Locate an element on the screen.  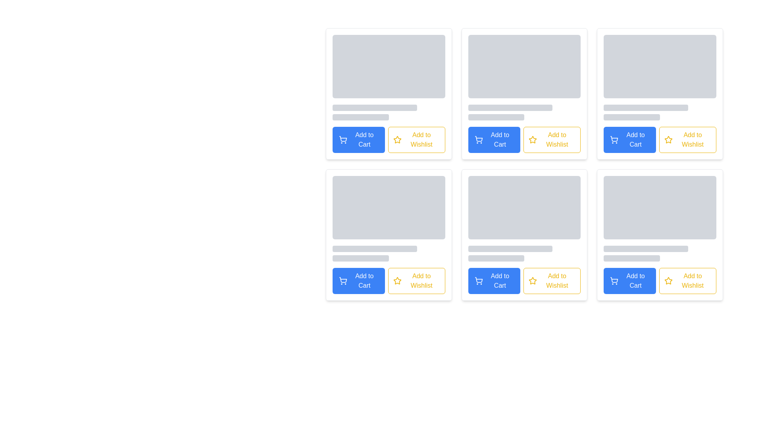
the slider position is located at coordinates (473, 258).